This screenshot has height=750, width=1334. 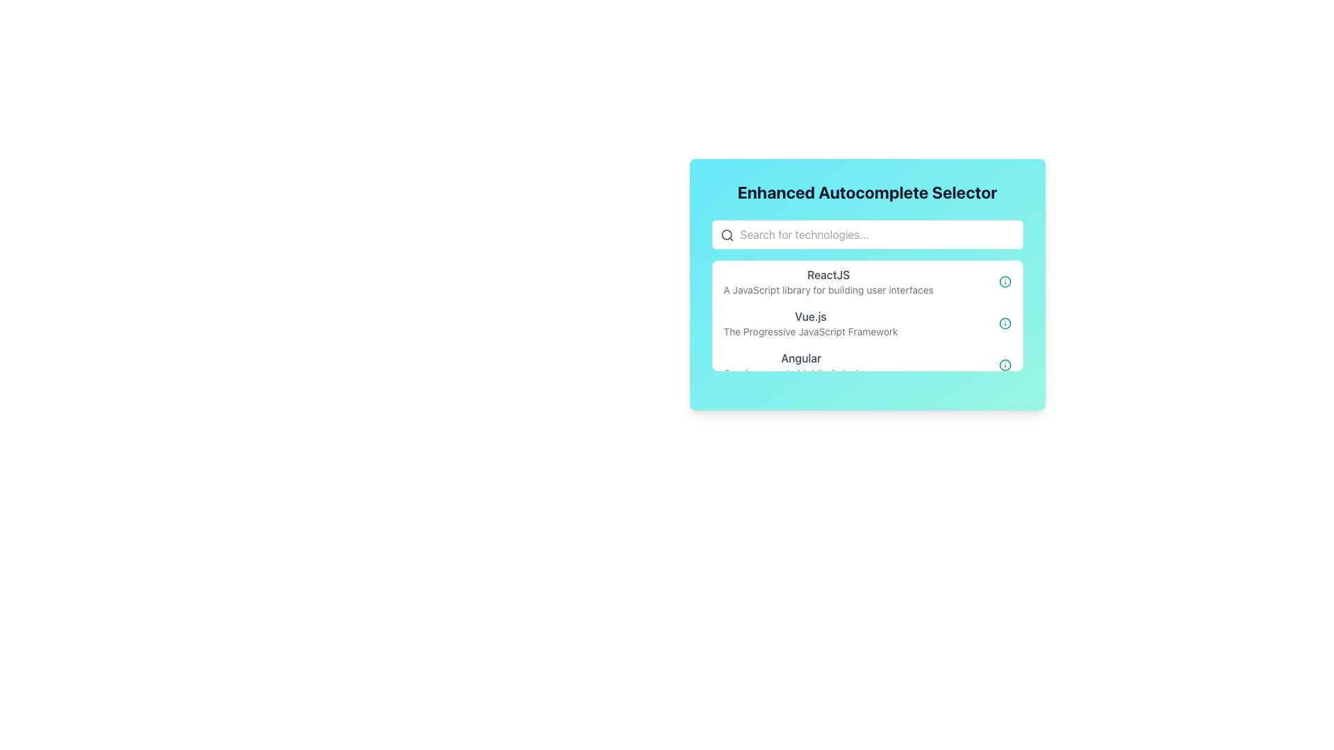 I want to click on the first list item labeled 'ReactJS' in the dropdown menu, so click(x=828, y=281).